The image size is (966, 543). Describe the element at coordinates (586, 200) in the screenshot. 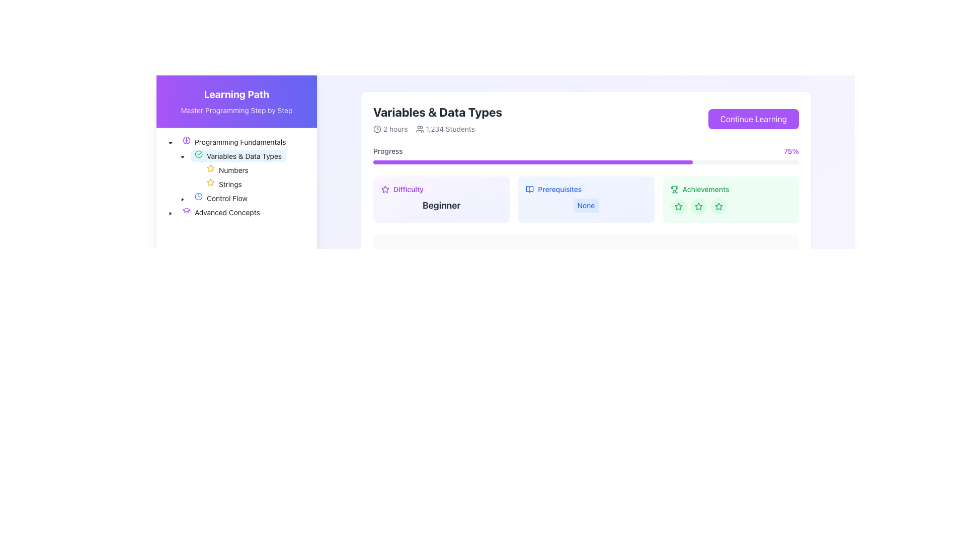

I see `the 'Prerequisites' informational display label, which is located in the central area of a three-column grid and contains the heading 'Prerequisites' followed by the label 'None' in a light blue rounded box` at that location.